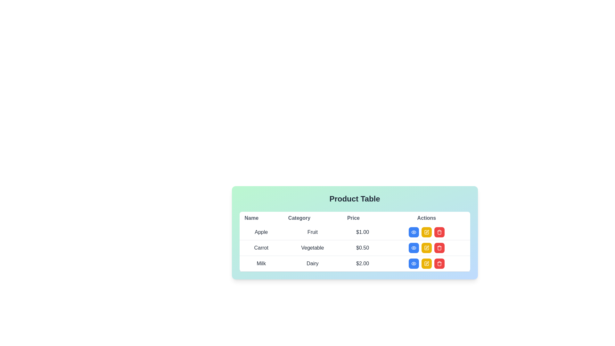 Image resolution: width=615 pixels, height=346 pixels. What do you see at coordinates (439, 248) in the screenshot?
I see `the trash can icon within the Actions column for the 'Milk' product` at bounding box center [439, 248].